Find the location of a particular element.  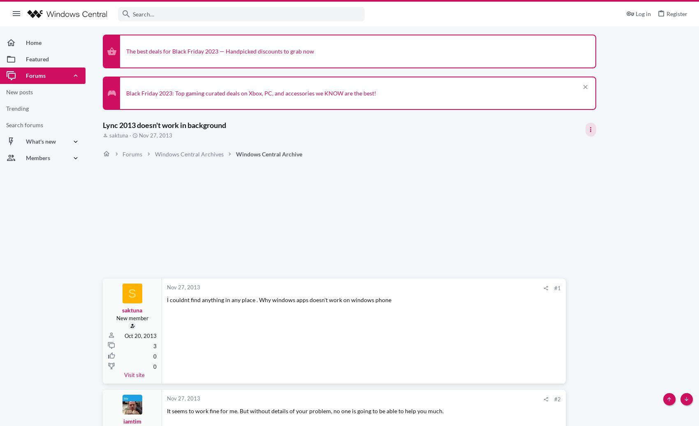

'İ couldnt find anything in any place . Why windows apps doesn't work on windows phone' is located at coordinates (279, 299).